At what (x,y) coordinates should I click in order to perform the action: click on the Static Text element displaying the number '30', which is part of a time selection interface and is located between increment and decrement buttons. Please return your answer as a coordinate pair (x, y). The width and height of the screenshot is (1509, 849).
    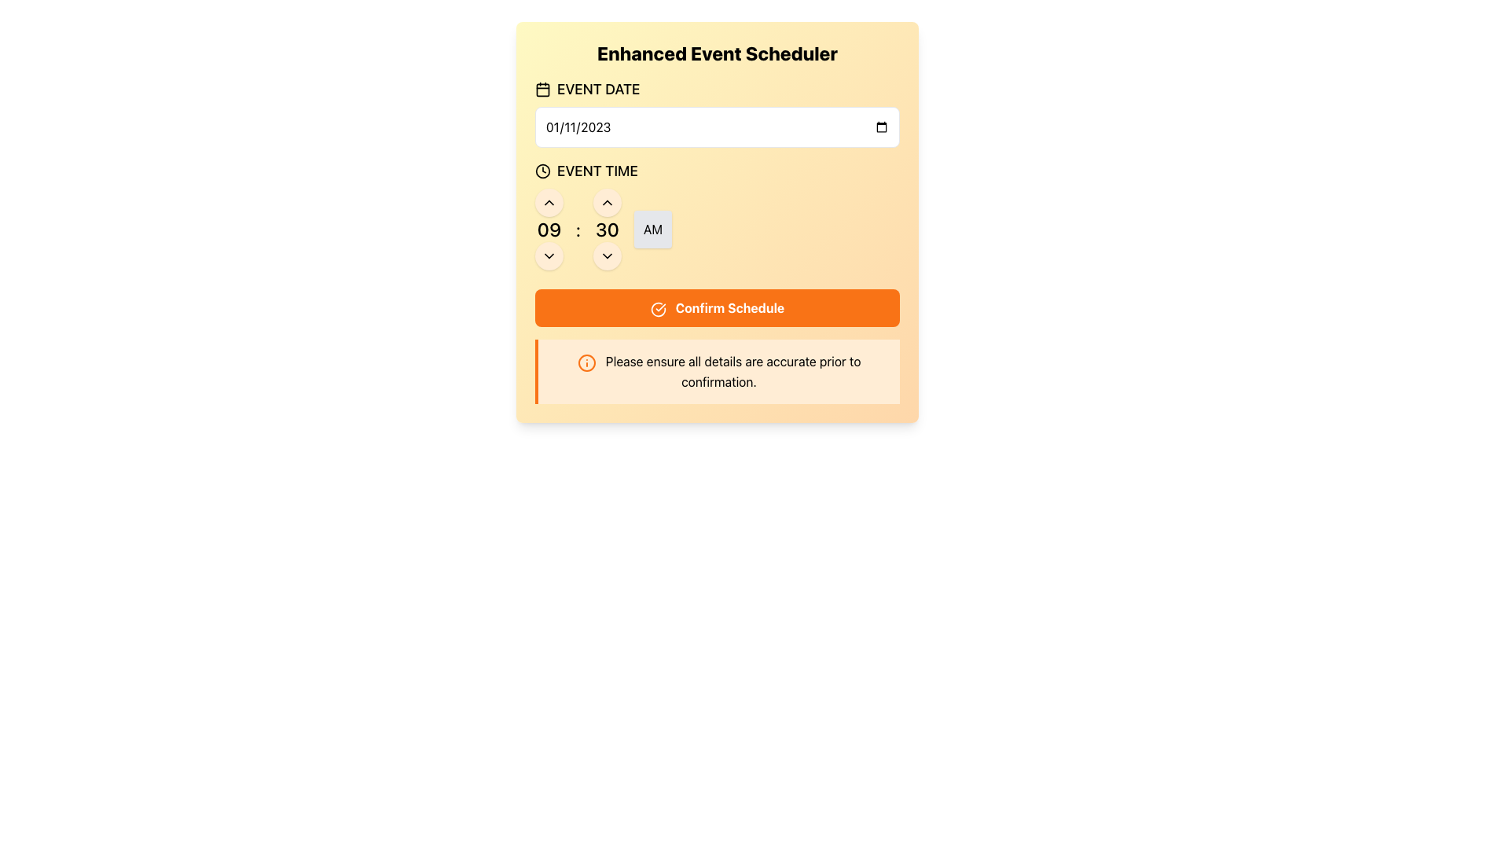
    Looking at the image, I should click on (606, 230).